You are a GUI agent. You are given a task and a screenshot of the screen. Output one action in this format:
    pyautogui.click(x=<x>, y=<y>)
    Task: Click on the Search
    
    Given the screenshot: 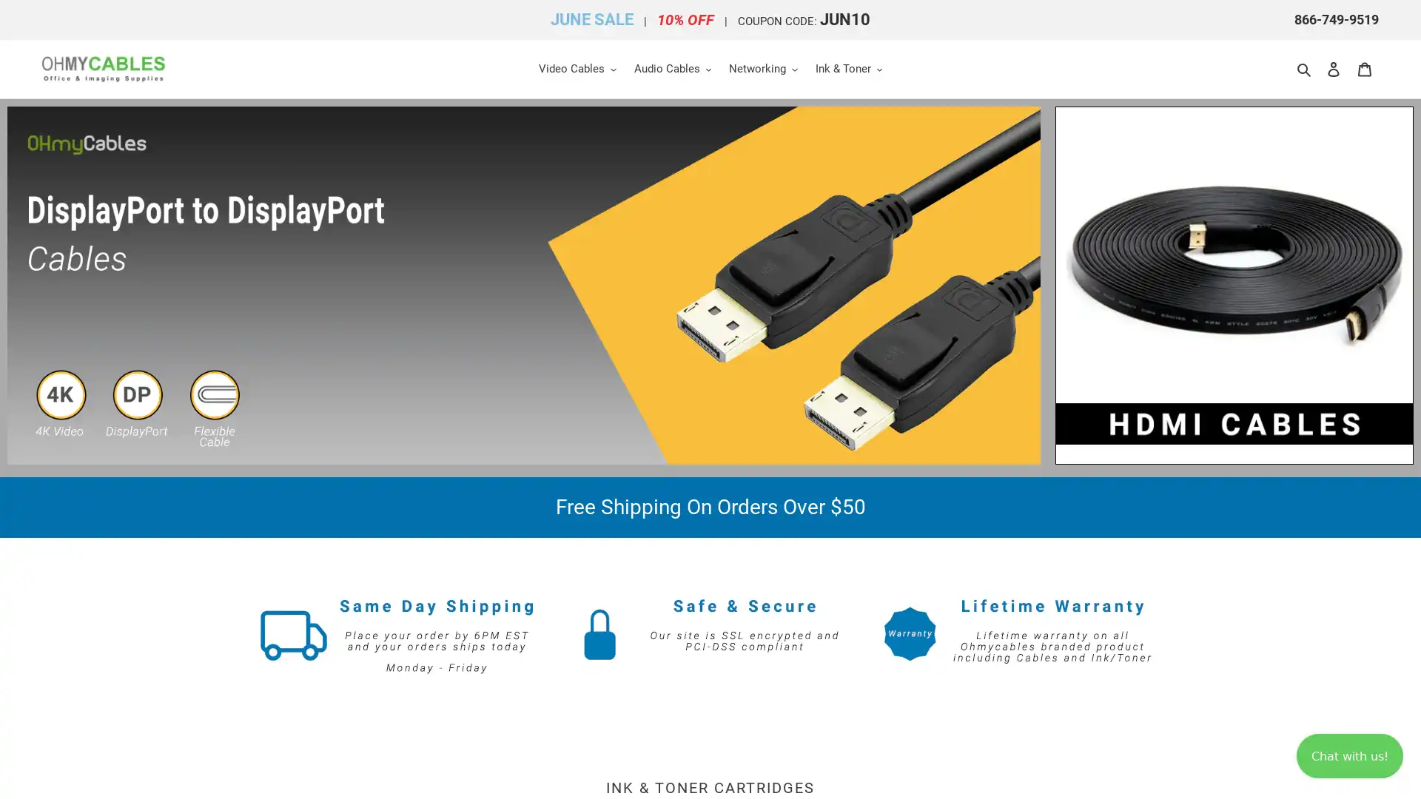 What is the action you would take?
    pyautogui.click(x=1305, y=68)
    